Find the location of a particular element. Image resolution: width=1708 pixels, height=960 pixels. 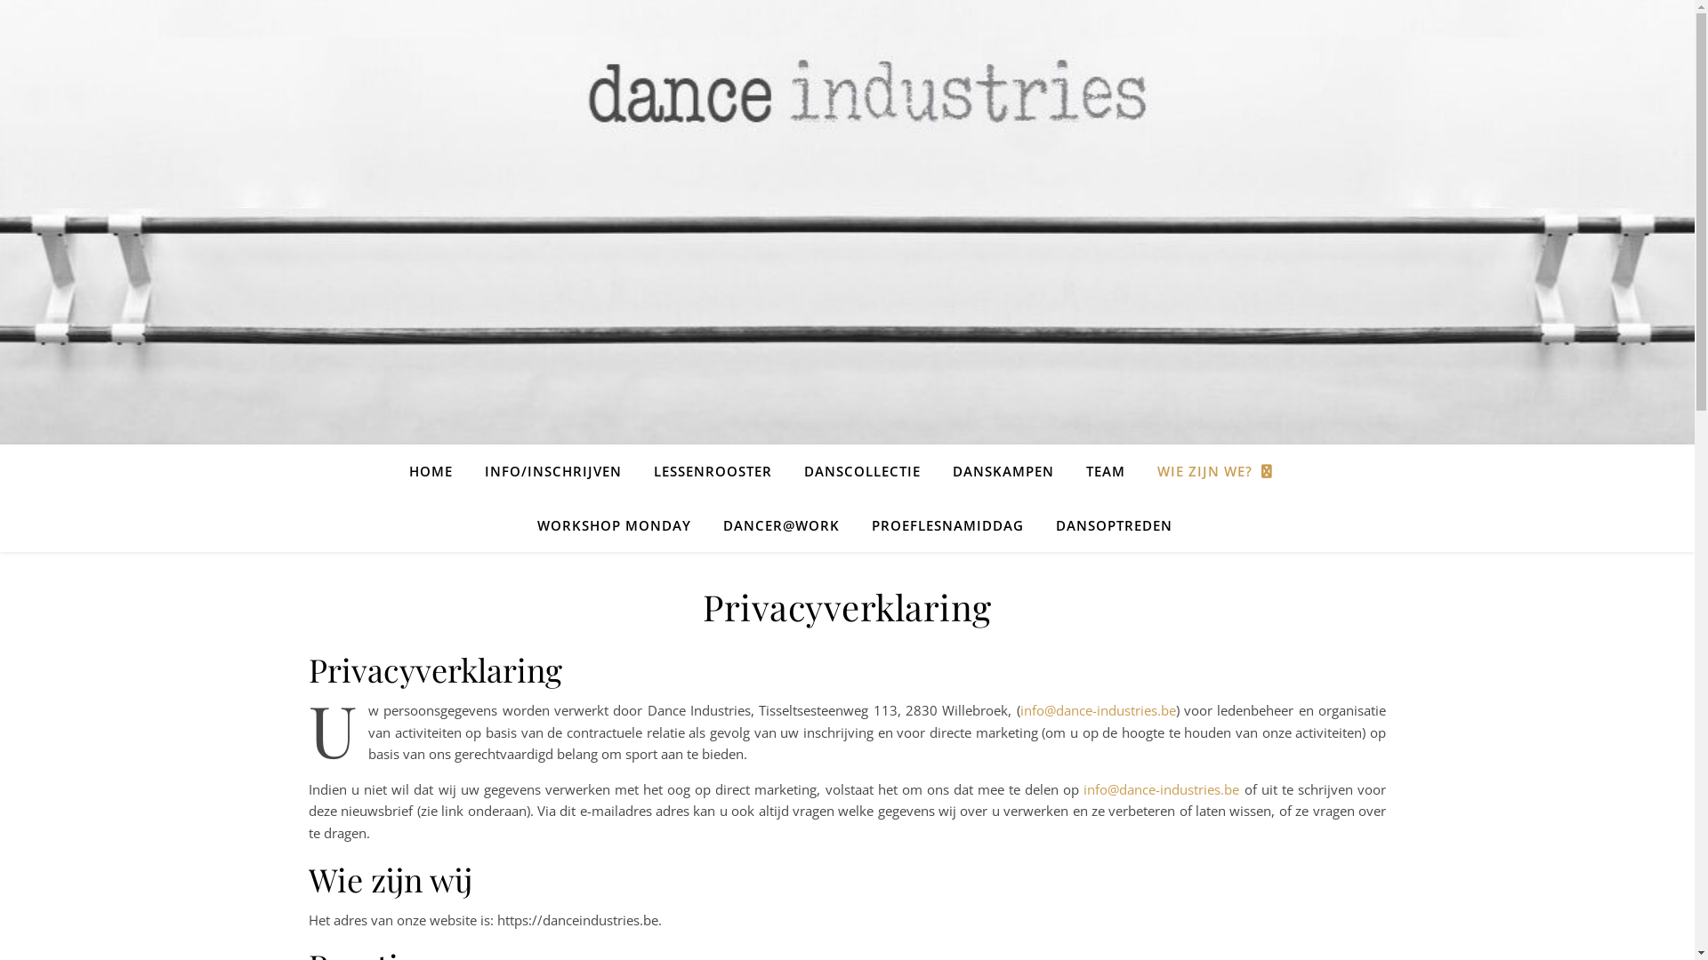

'HOME' is located at coordinates (408, 469).